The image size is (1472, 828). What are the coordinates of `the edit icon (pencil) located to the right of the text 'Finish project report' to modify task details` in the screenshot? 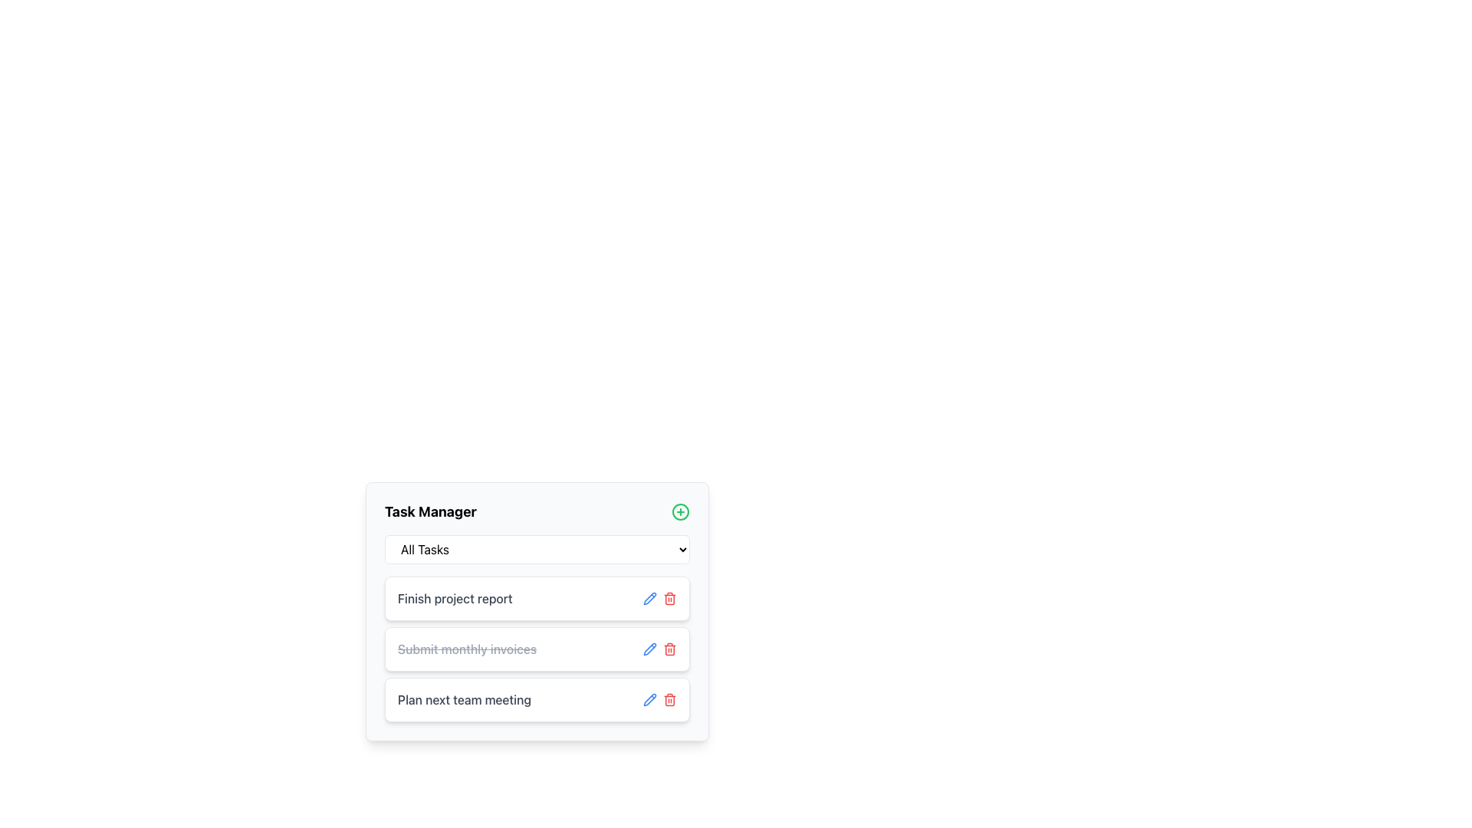 It's located at (650, 596).